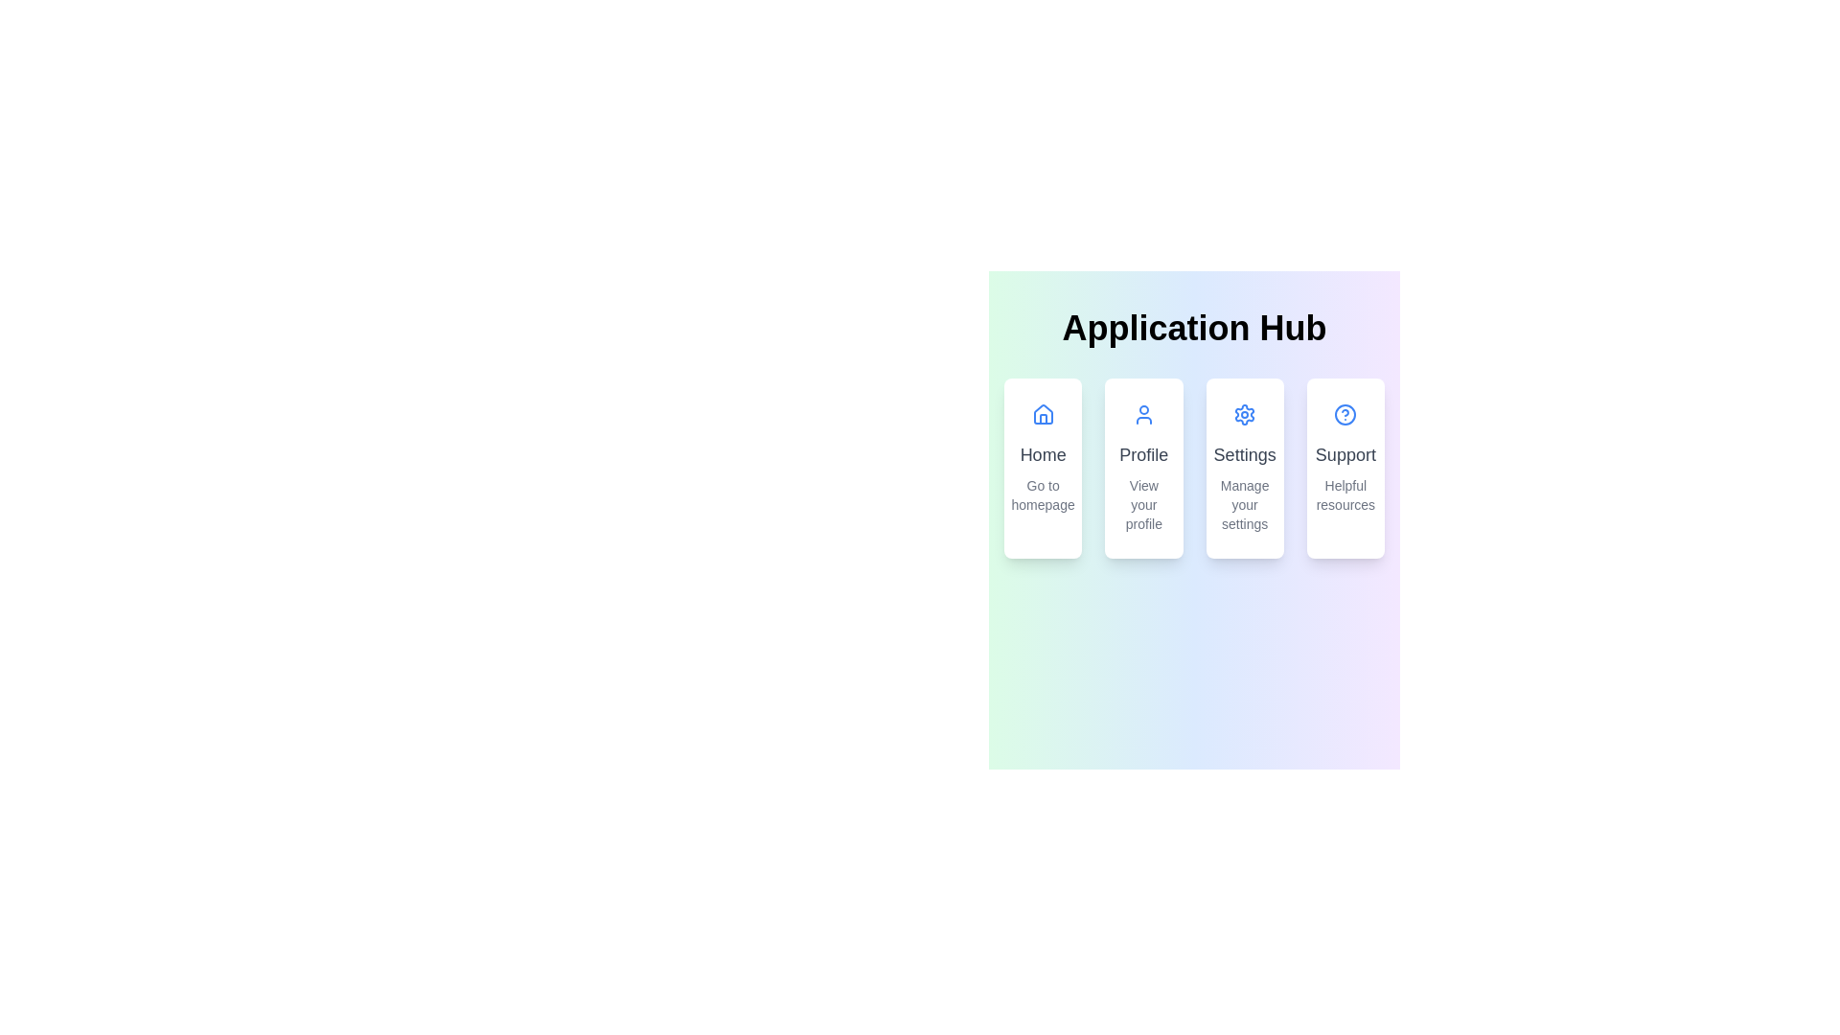  Describe the element at coordinates (1042, 454) in the screenshot. I see `the text label displaying 'Home', which is styled in gray and positioned between an icon and descriptive text in the first card of a series of cards` at that location.